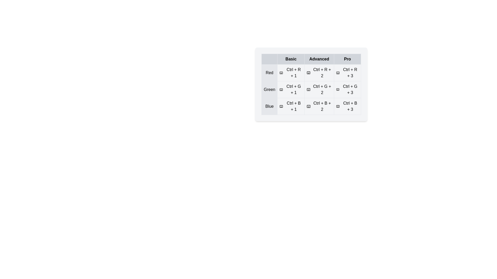 This screenshot has width=497, height=279. What do you see at coordinates (311, 89) in the screenshot?
I see `the table cell in the second row (Green category) and second column (Advanced level) containing the text 'Ctrl + G + 2' and a keyboard icon for interaction` at bounding box center [311, 89].